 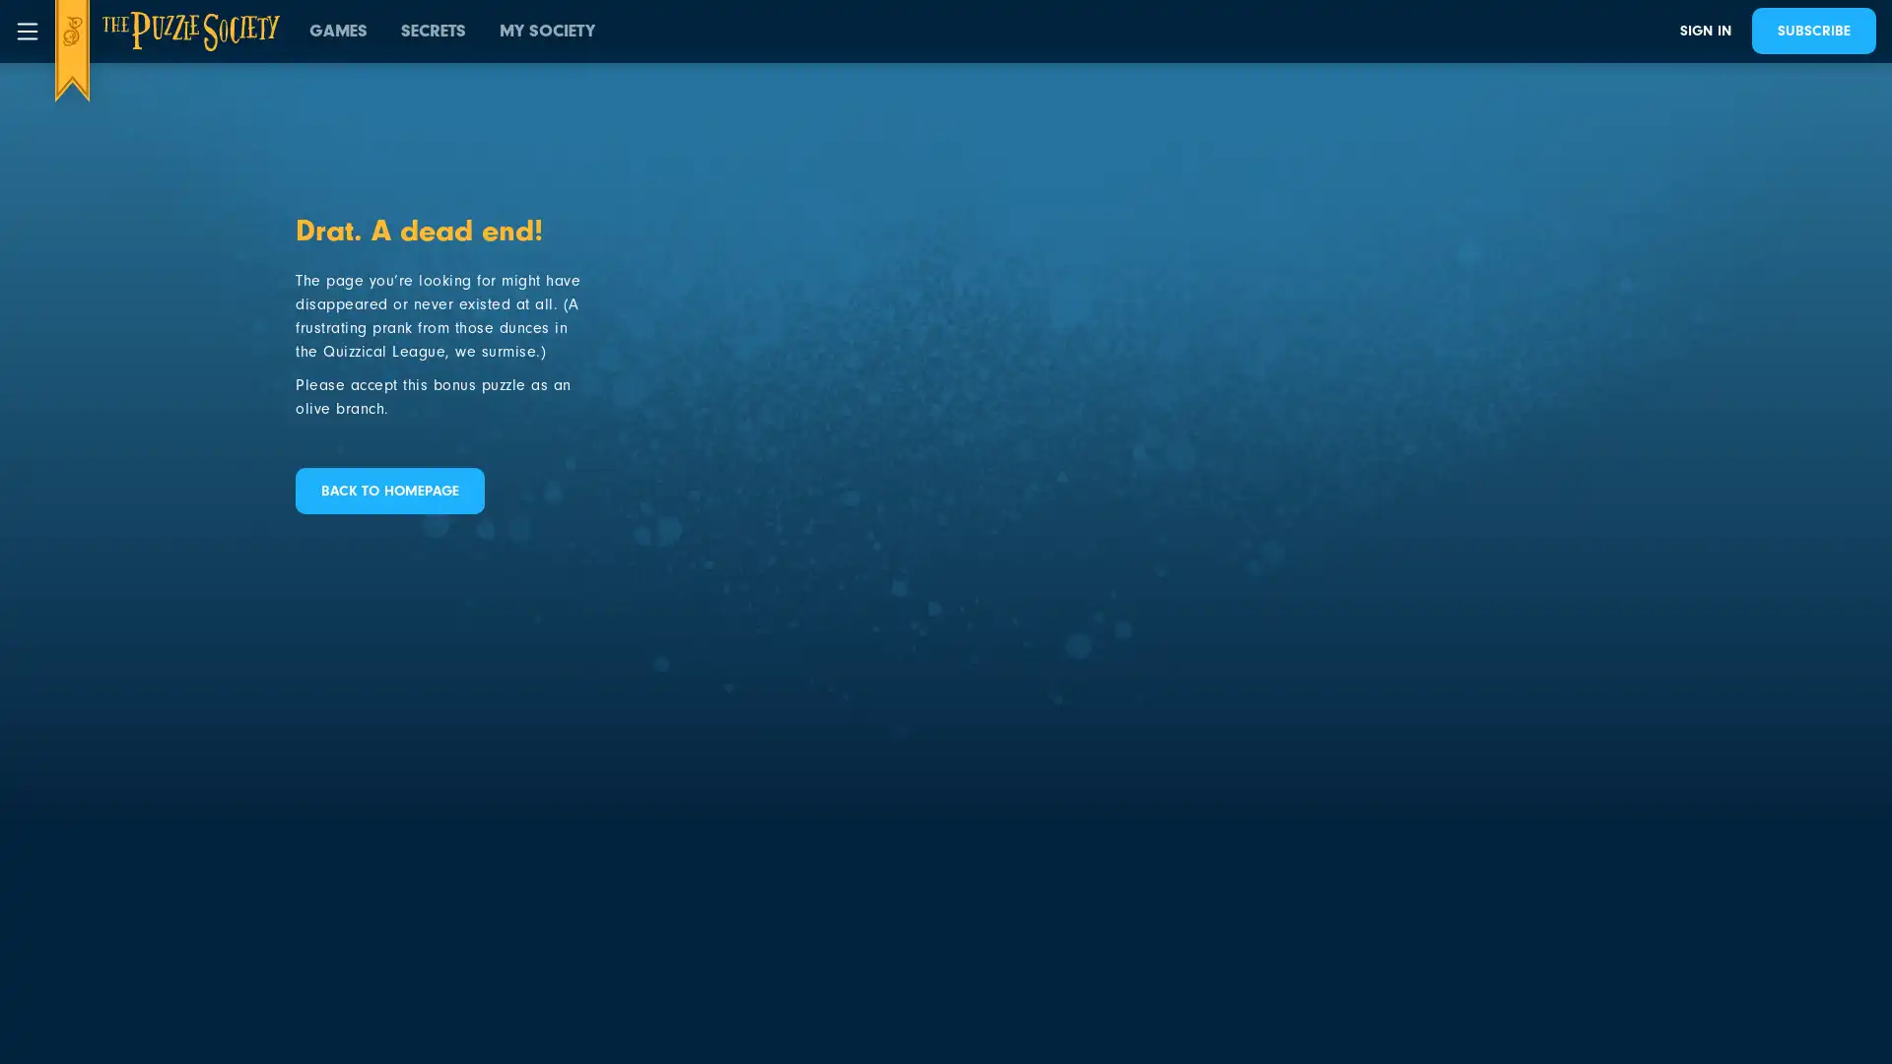 What do you see at coordinates (547, 31) in the screenshot?
I see `MY SOCIETY` at bounding box center [547, 31].